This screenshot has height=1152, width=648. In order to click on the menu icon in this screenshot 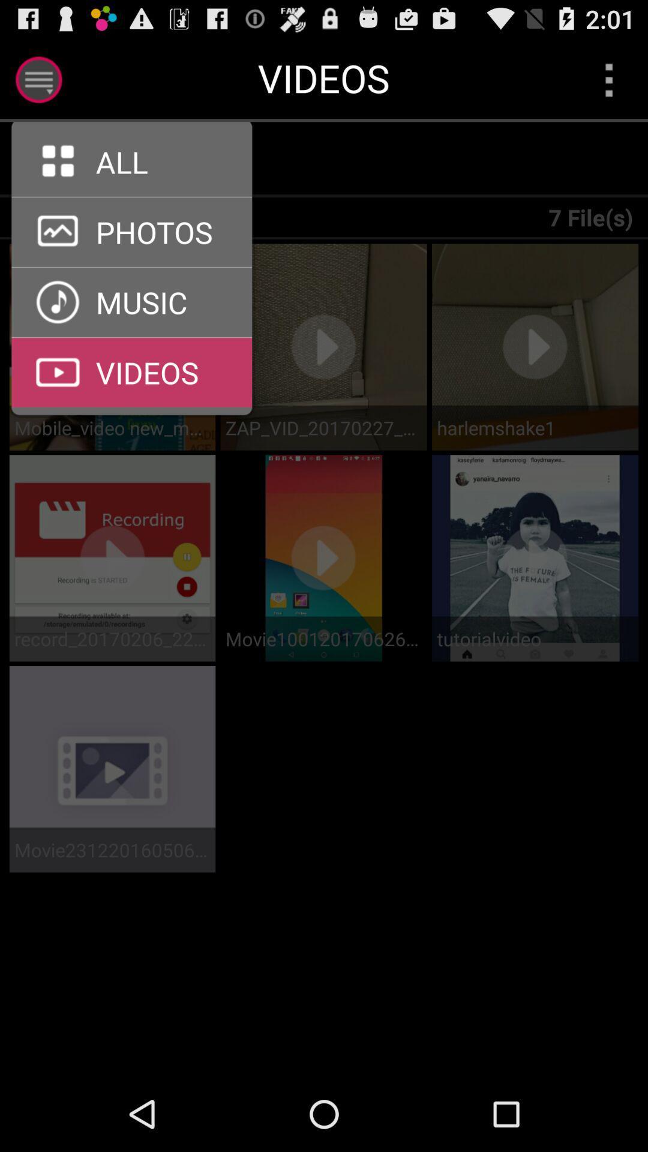, I will do `click(38, 85)`.